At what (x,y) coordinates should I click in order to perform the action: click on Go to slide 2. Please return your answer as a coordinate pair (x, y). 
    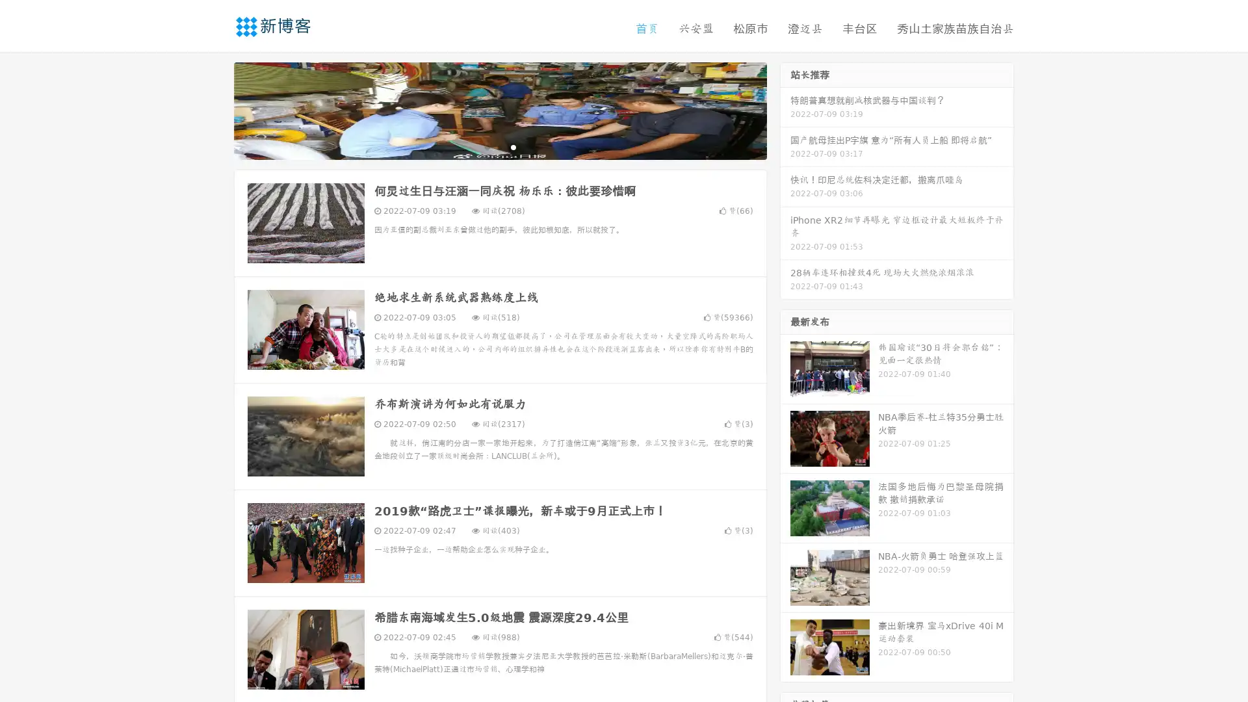
    Looking at the image, I should click on (499, 146).